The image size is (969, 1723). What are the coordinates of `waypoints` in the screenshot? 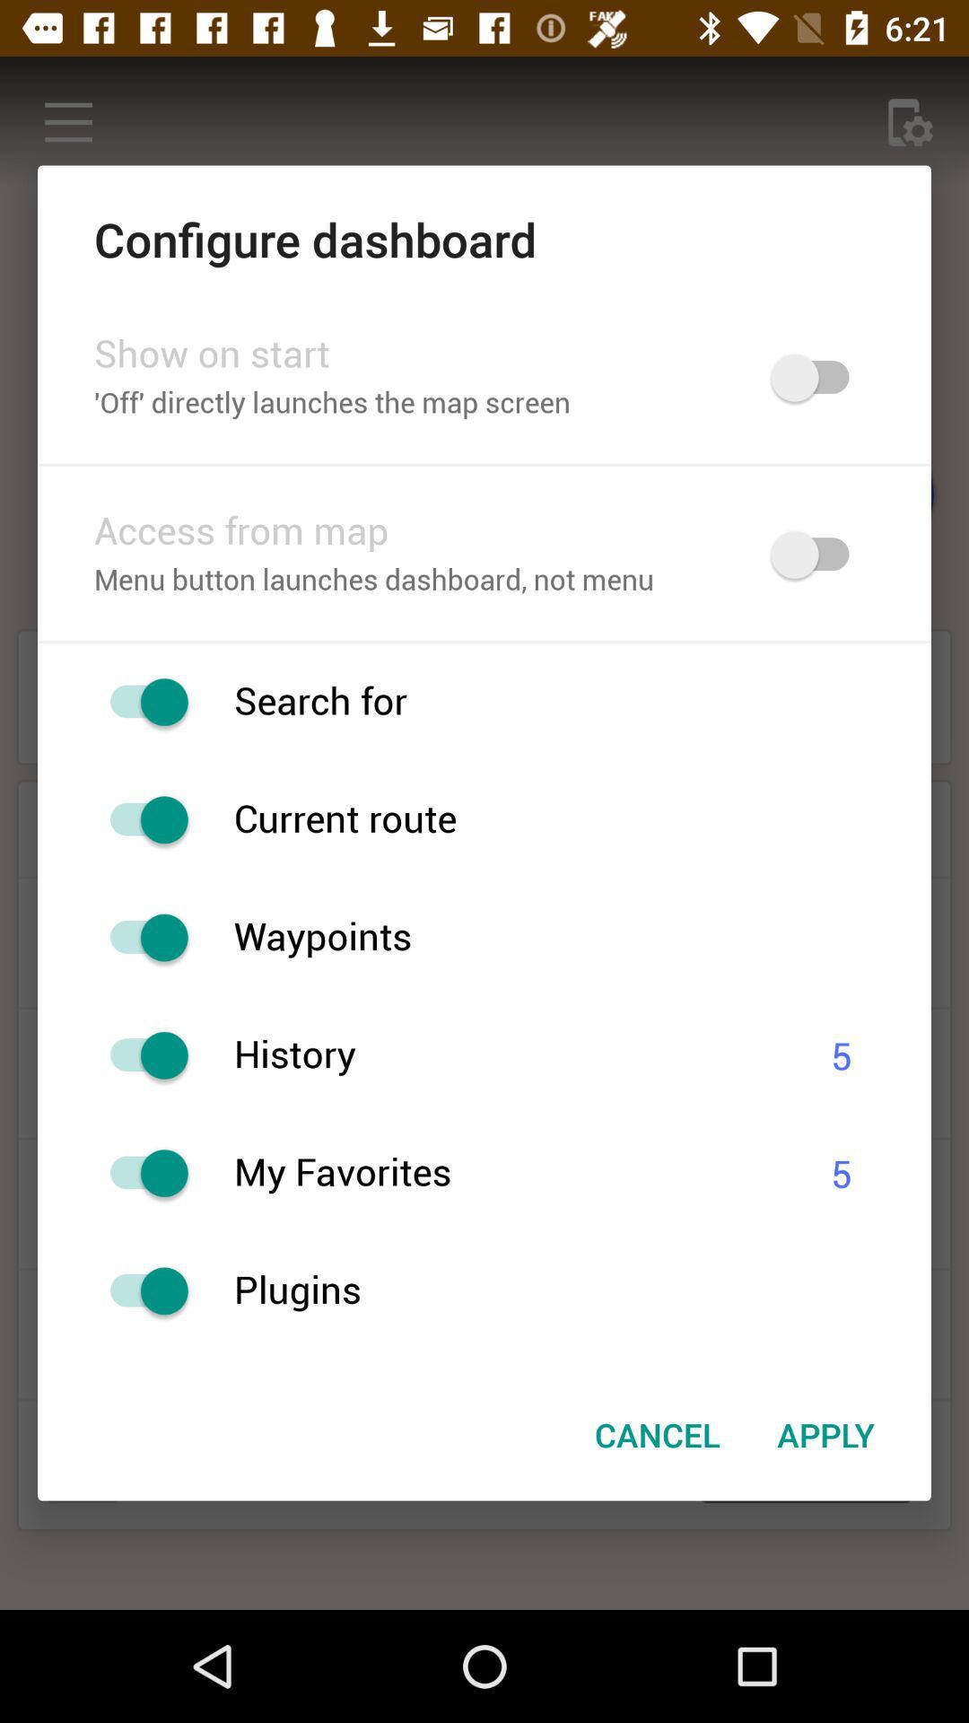 It's located at (139, 937).